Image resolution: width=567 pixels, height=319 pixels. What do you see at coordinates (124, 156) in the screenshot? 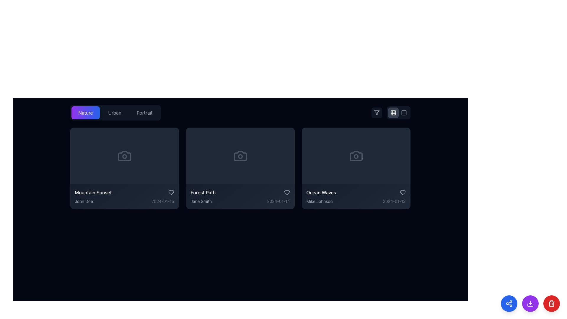
I see `the decorative icon located in the center of the 'Mountain Sunset' card in the grid layout` at bounding box center [124, 156].